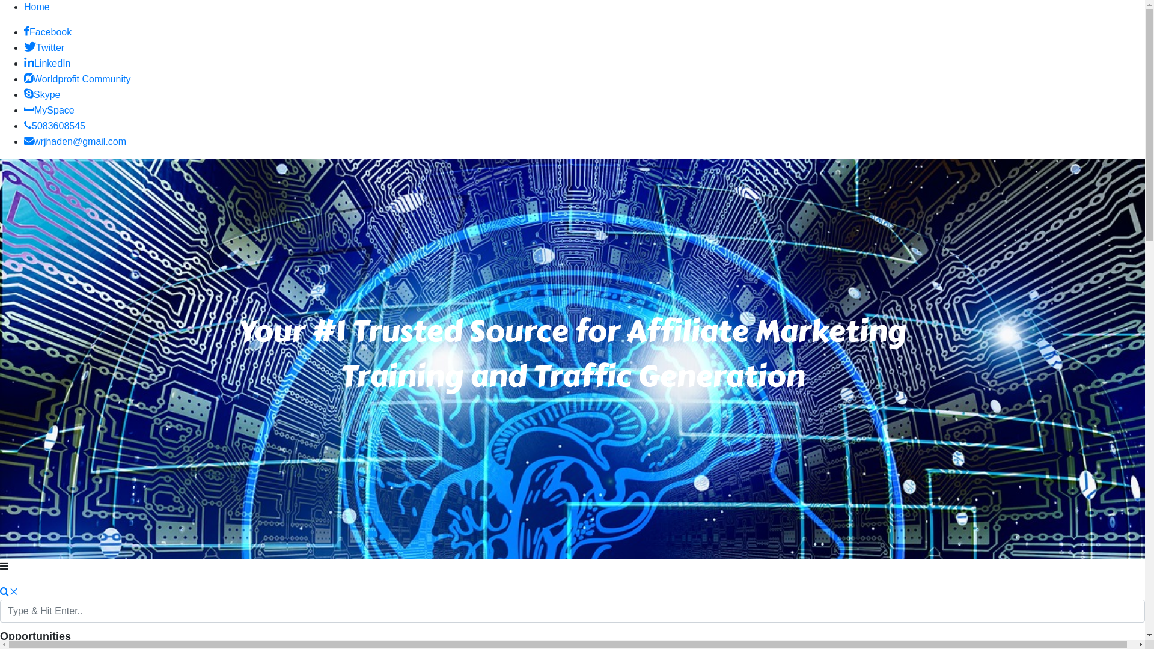 Image resolution: width=1154 pixels, height=649 pixels. I want to click on 'Skype', so click(42, 94).